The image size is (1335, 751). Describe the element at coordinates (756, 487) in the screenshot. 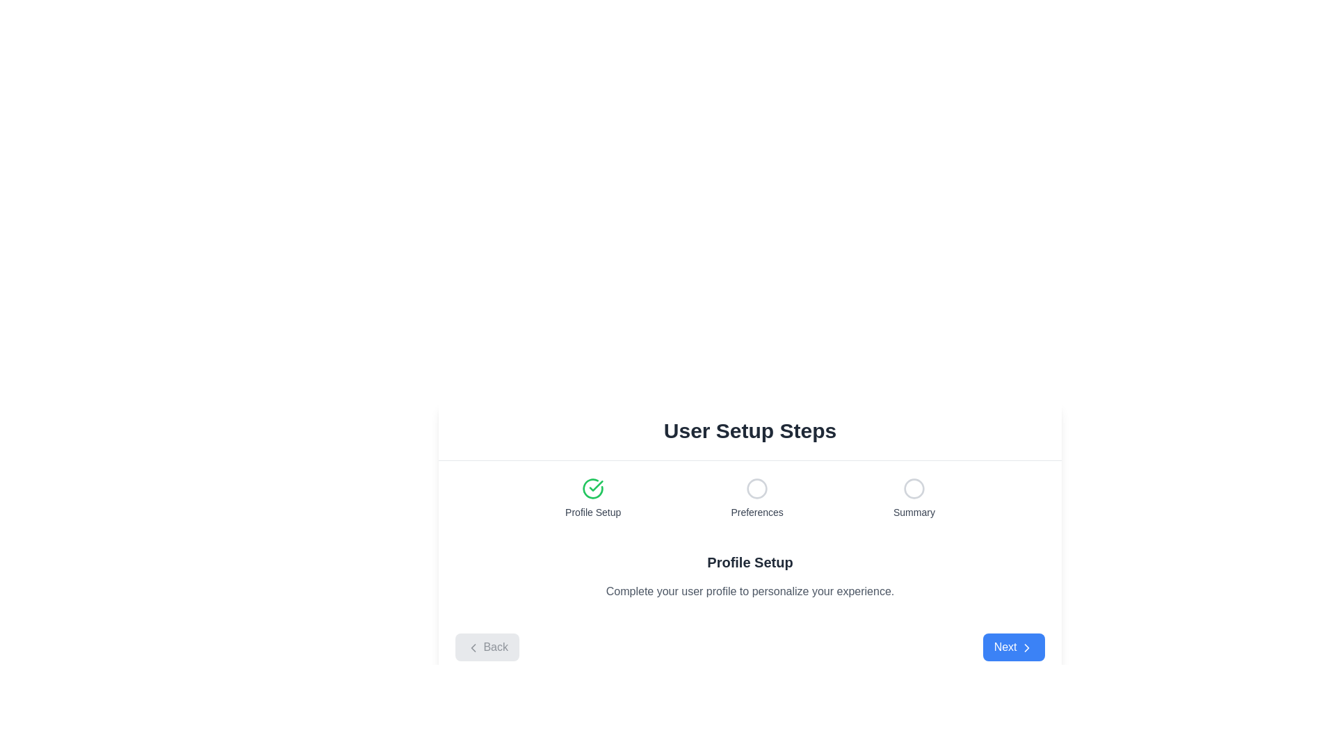

I see `the 'Preferences' icon, which is the second element in a horizontal alignment of three icons representing the setup steps, located between the 'Profile Setup' icon and the 'Summary' icon` at that location.